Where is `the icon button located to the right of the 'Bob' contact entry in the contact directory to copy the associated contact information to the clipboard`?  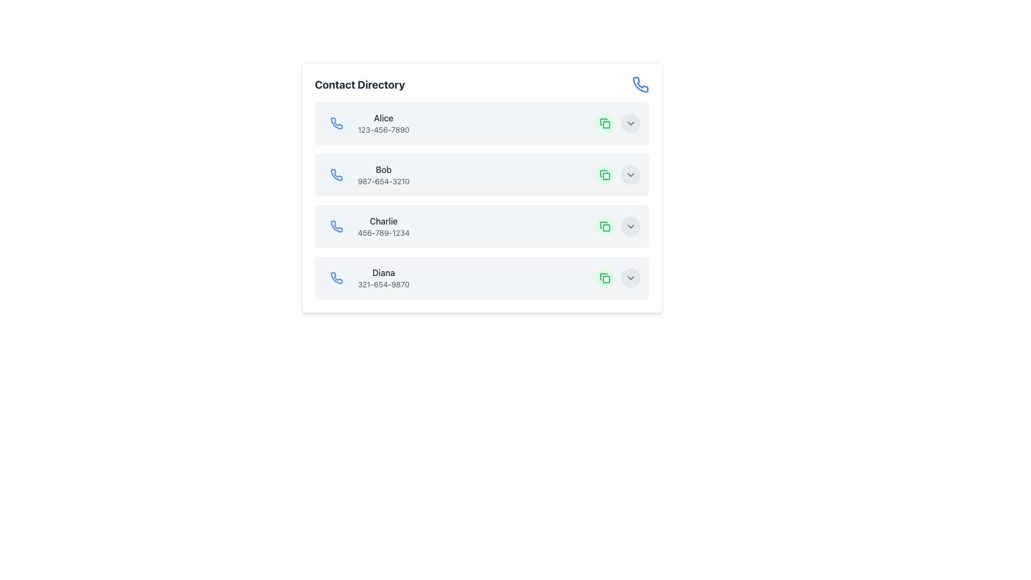
the icon button located to the right of the 'Bob' contact entry in the contact directory to copy the associated contact information to the clipboard is located at coordinates (605, 175).